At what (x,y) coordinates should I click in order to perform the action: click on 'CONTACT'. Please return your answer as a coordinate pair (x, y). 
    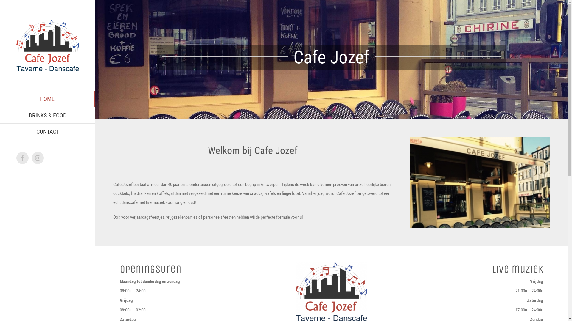
    Looking at the image, I should click on (47, 131).